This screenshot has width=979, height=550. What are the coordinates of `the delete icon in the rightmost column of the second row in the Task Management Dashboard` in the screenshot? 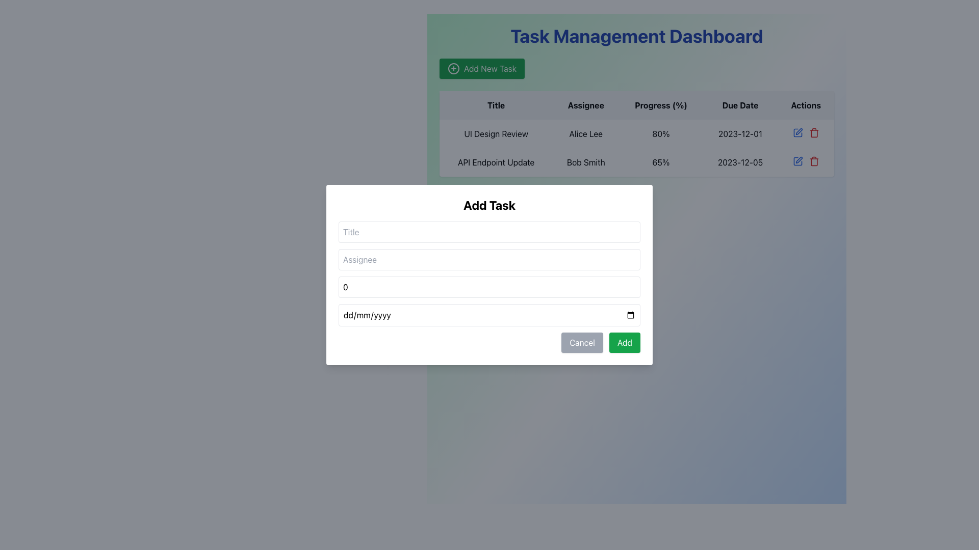 It's located at (813, 160).